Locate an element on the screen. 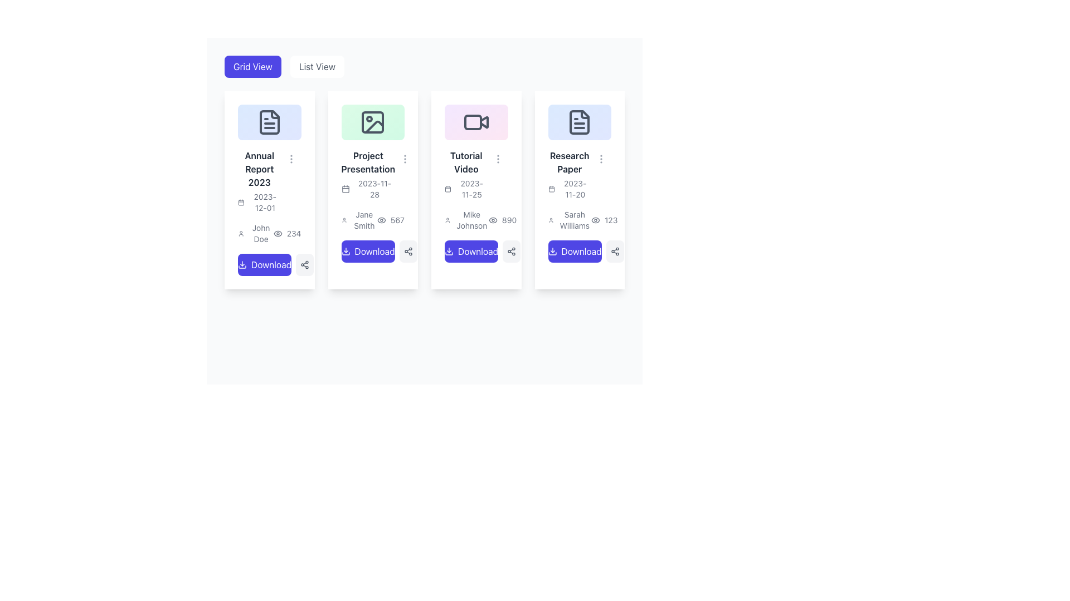 This screenshot has width=1070, height=601. the graphical icon element representing the 'Project Presentation' card, located in the second card from the left is located at coordinates (373, 122).